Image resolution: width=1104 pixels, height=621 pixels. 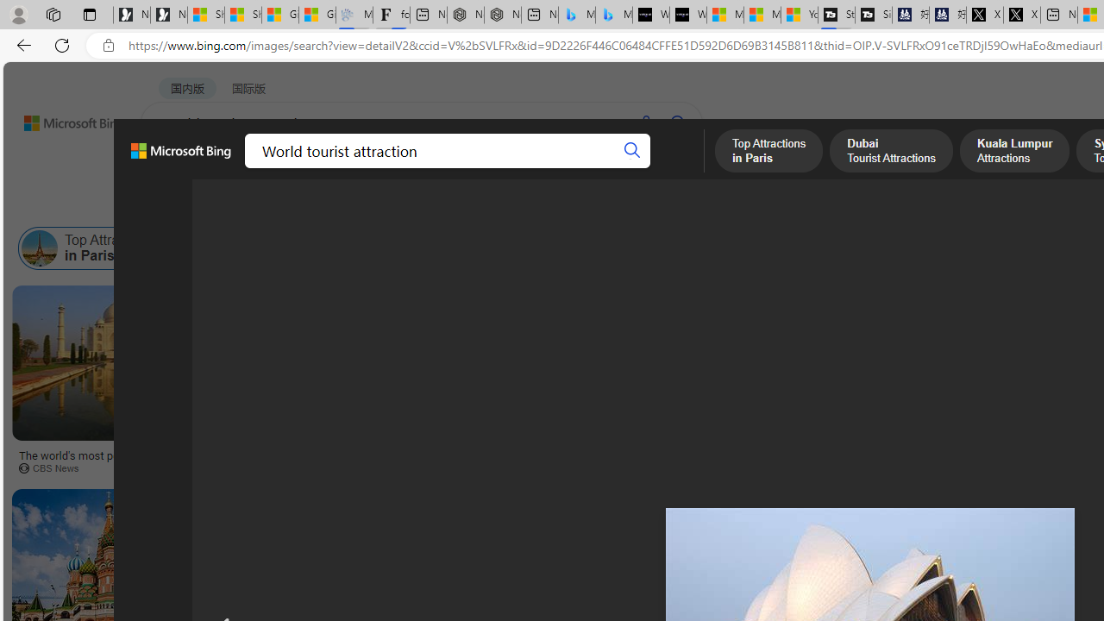 I want to click on 'Newsletter Sign Up', so click(x=169, y=15).